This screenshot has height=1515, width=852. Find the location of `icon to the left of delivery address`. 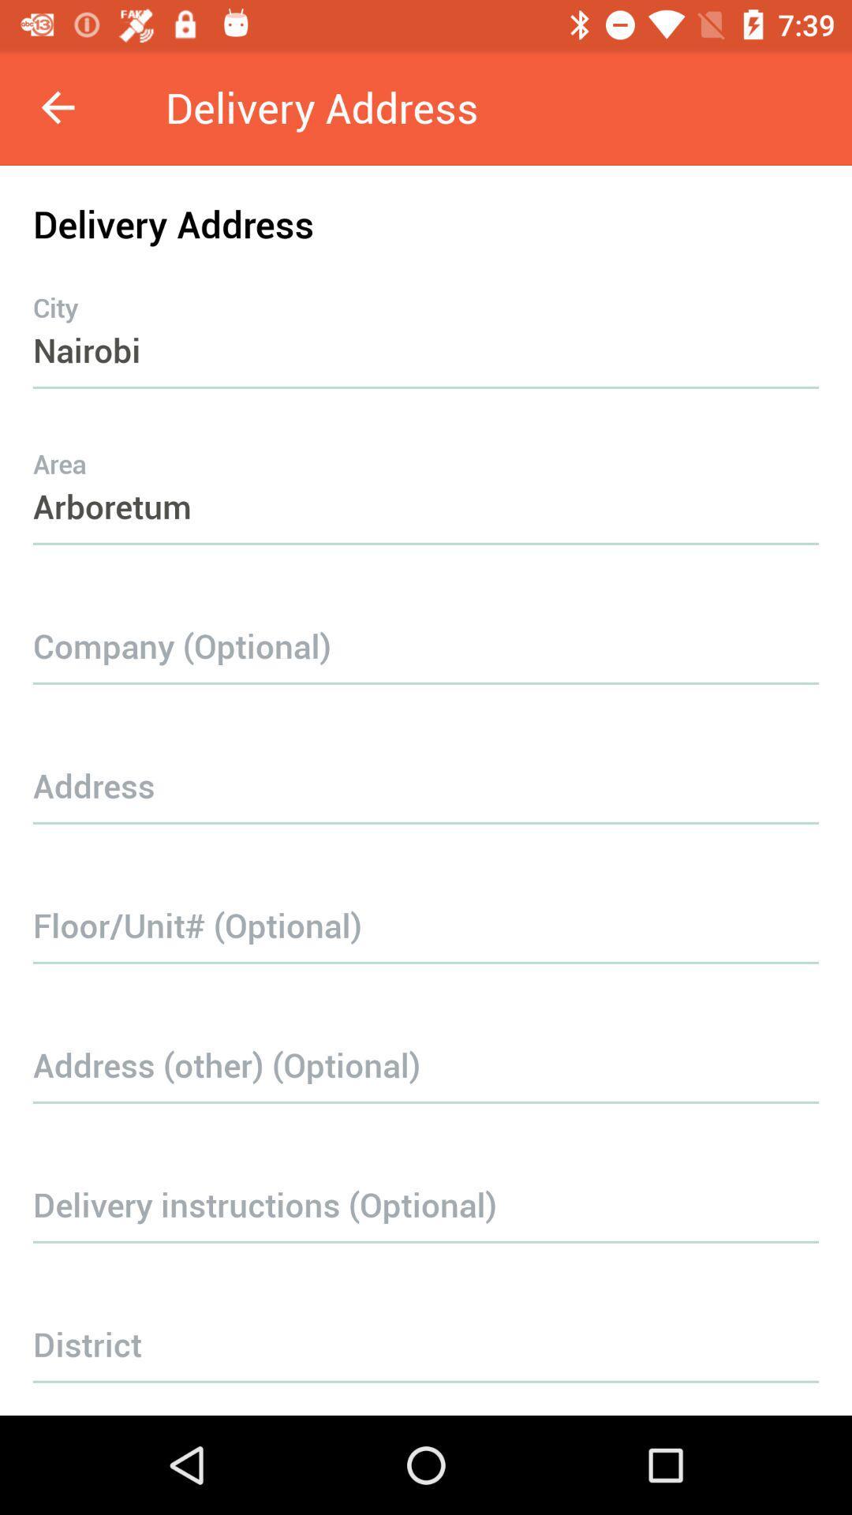

icon to the left of delivery address is located at coordinates (57, 107).